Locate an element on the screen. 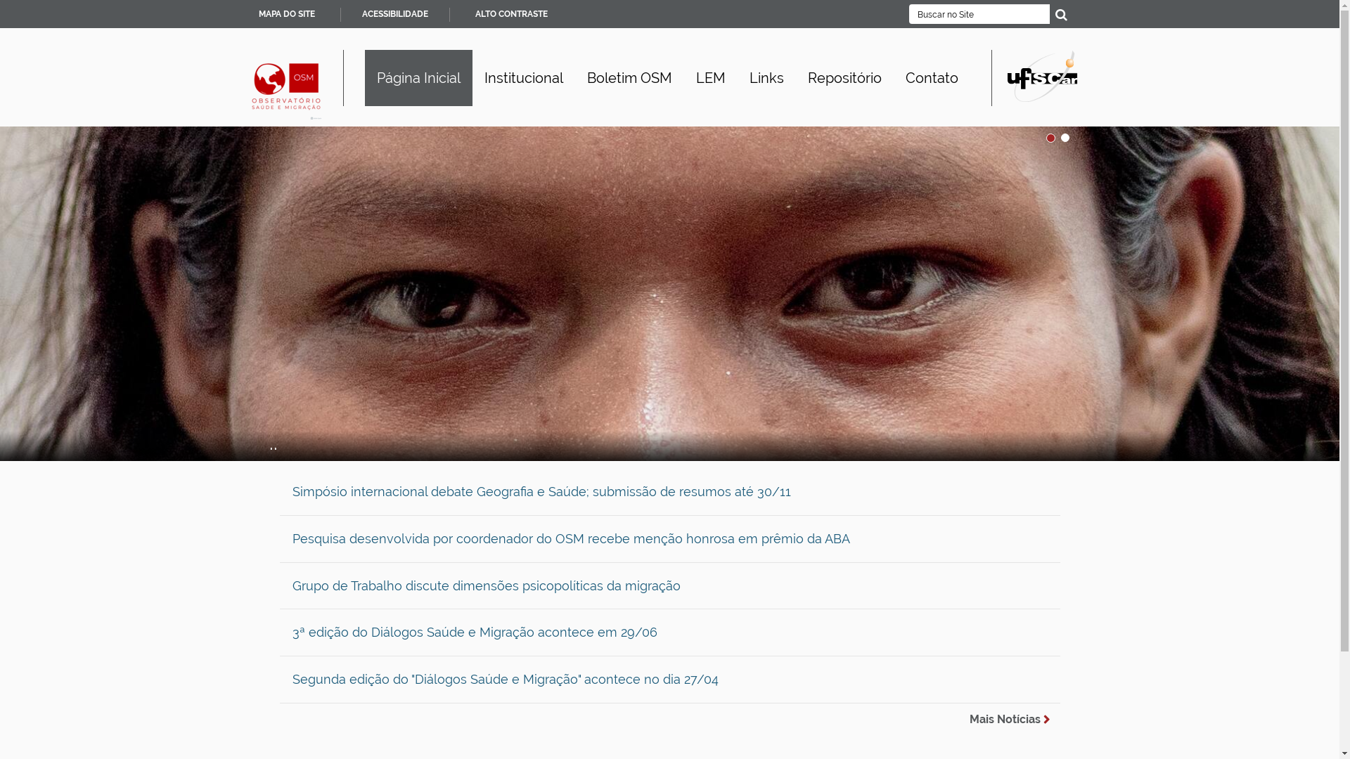  'Boletim OSM' is located at coordinates (574, 78).